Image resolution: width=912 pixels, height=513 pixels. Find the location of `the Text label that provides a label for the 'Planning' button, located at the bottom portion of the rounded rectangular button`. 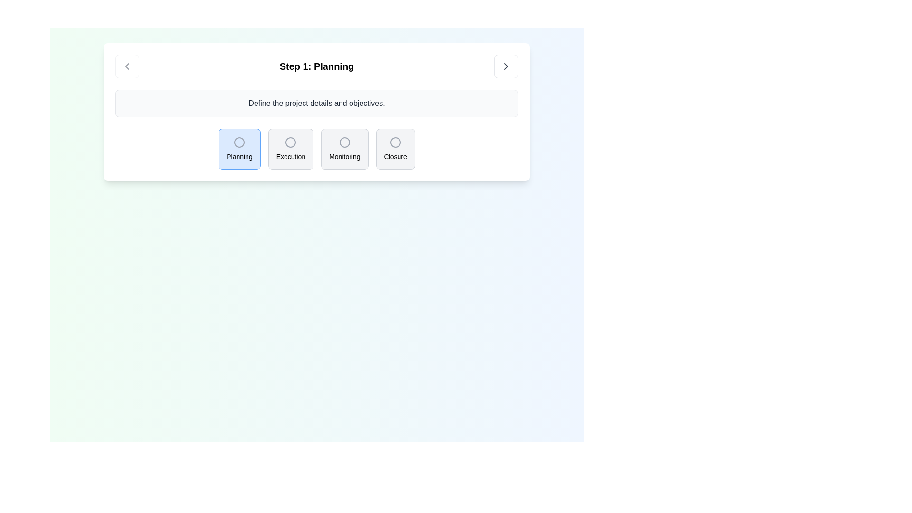

the Text label that provides a label for the 'Planning' button, located at the bottom portion of the rounded rectangular button is located at coordinates (239, 156).